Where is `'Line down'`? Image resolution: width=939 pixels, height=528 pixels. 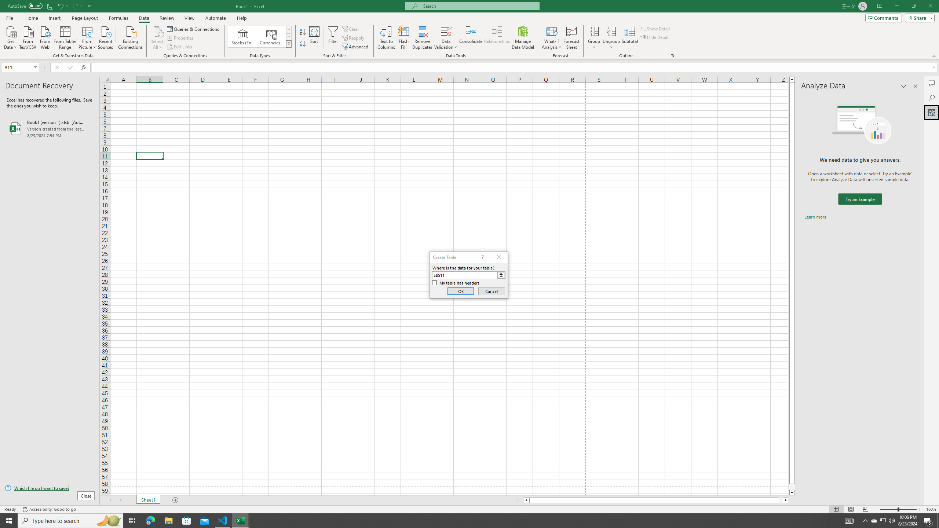 'Line down' is located at coordinates (792, 493).